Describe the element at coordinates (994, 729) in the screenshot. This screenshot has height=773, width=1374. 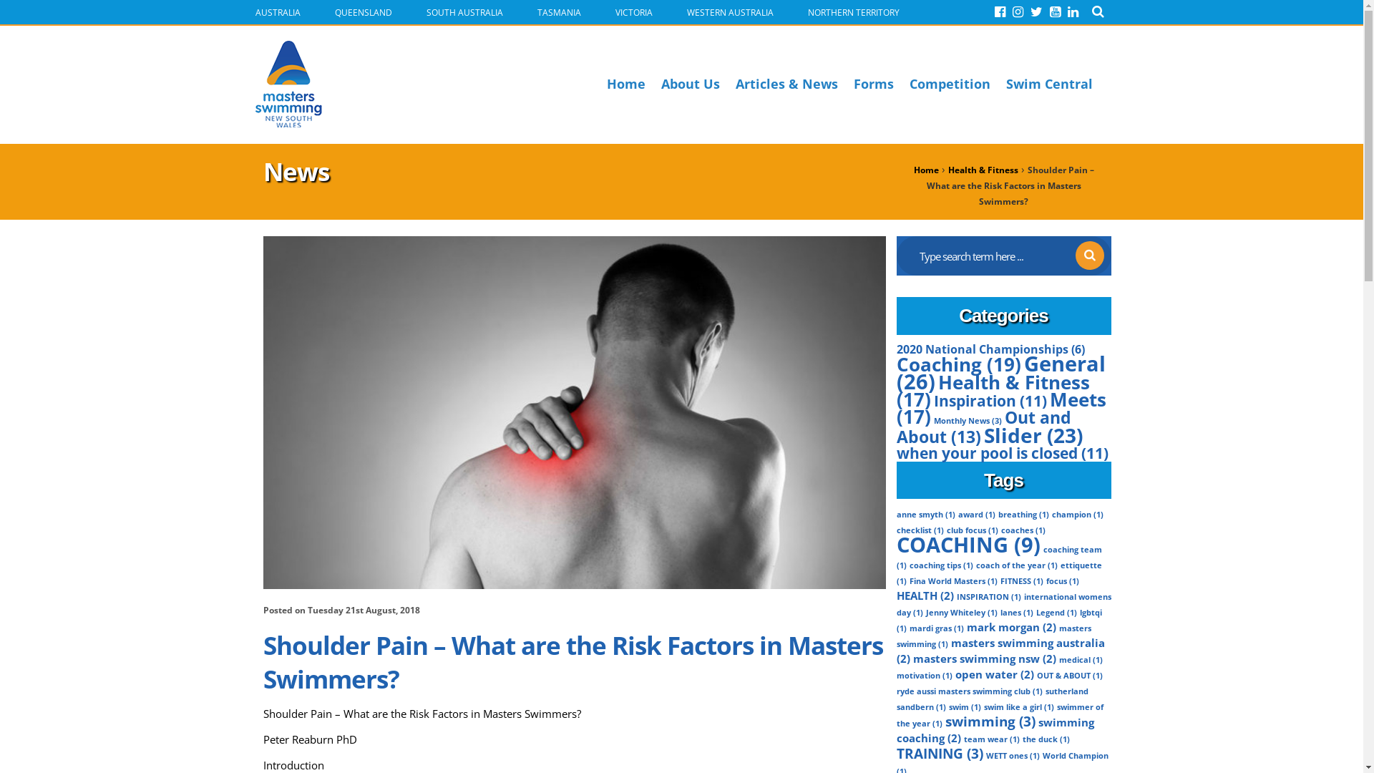
I see `'swimming coaching (2)'` at that location.